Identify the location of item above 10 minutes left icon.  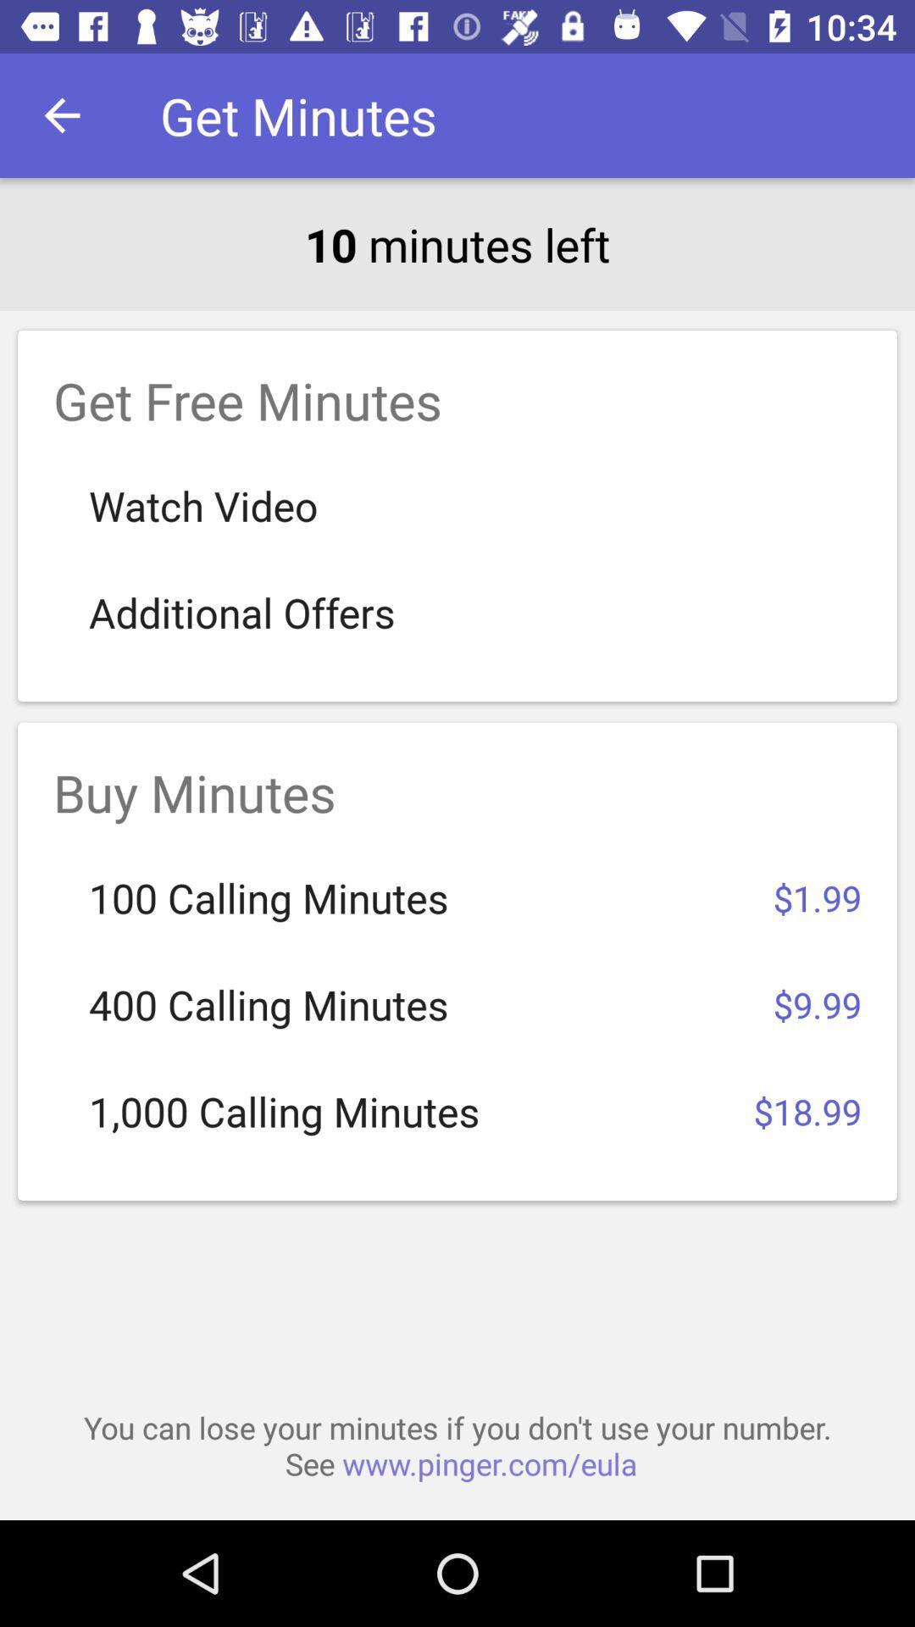
(61, 114).